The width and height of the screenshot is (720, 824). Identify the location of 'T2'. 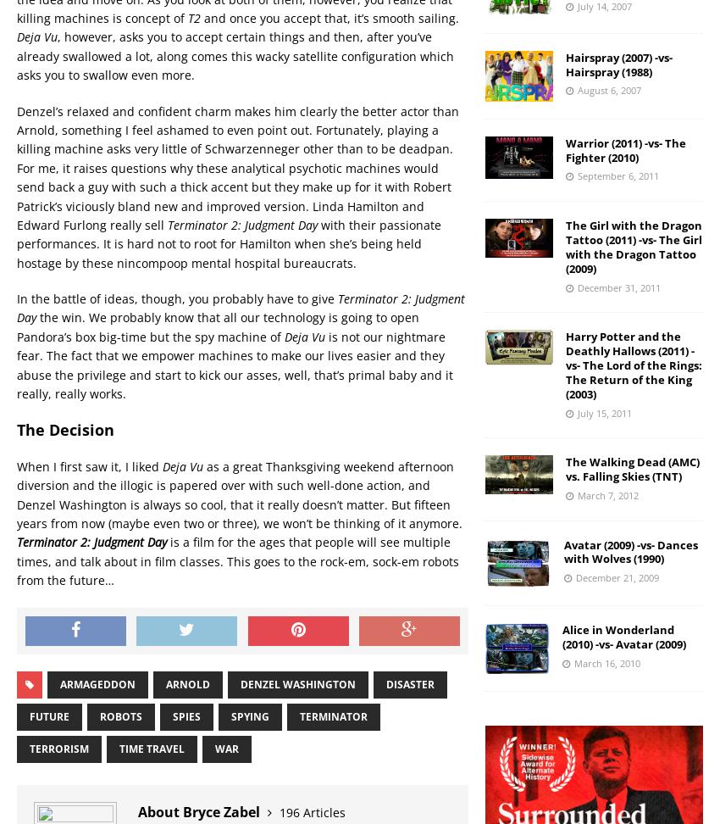
(194, 18).